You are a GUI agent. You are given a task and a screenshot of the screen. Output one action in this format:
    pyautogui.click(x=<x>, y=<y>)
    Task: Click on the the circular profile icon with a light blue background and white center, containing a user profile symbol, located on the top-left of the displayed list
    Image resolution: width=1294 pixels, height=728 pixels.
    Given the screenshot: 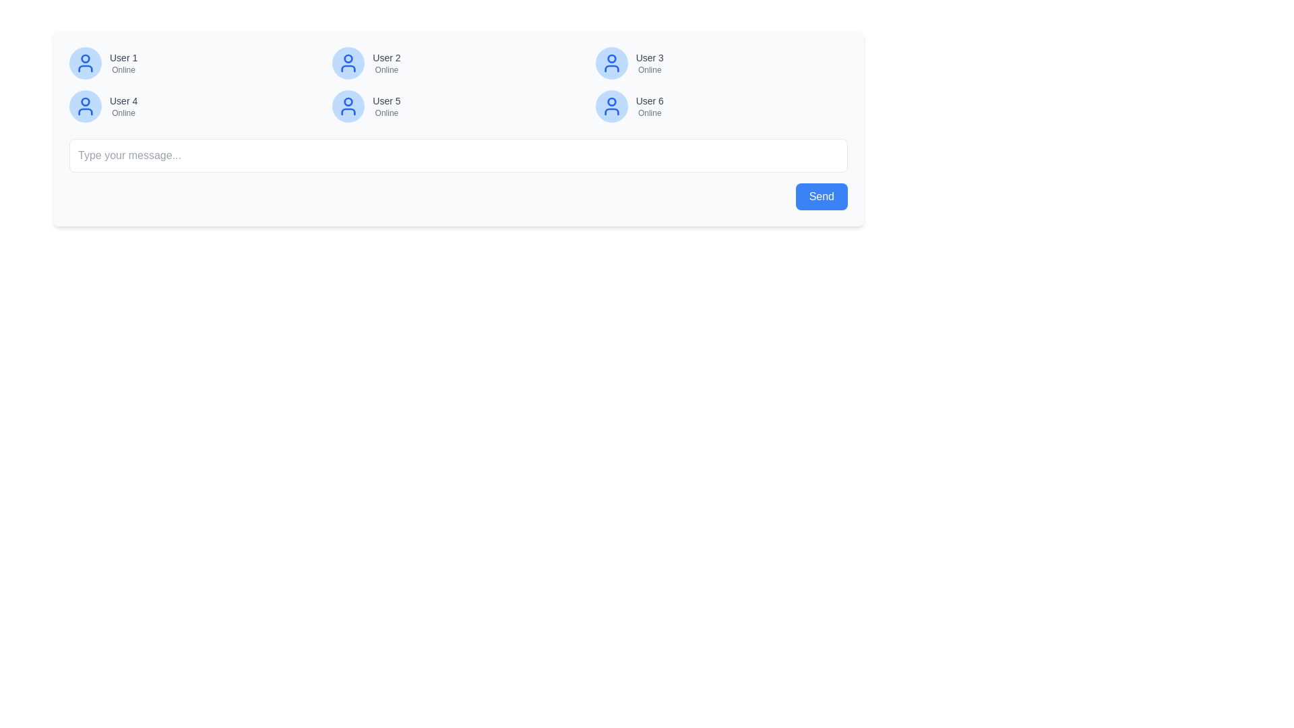 What is the action you would take?
    pyautogui.click(x=84, y=63)
    